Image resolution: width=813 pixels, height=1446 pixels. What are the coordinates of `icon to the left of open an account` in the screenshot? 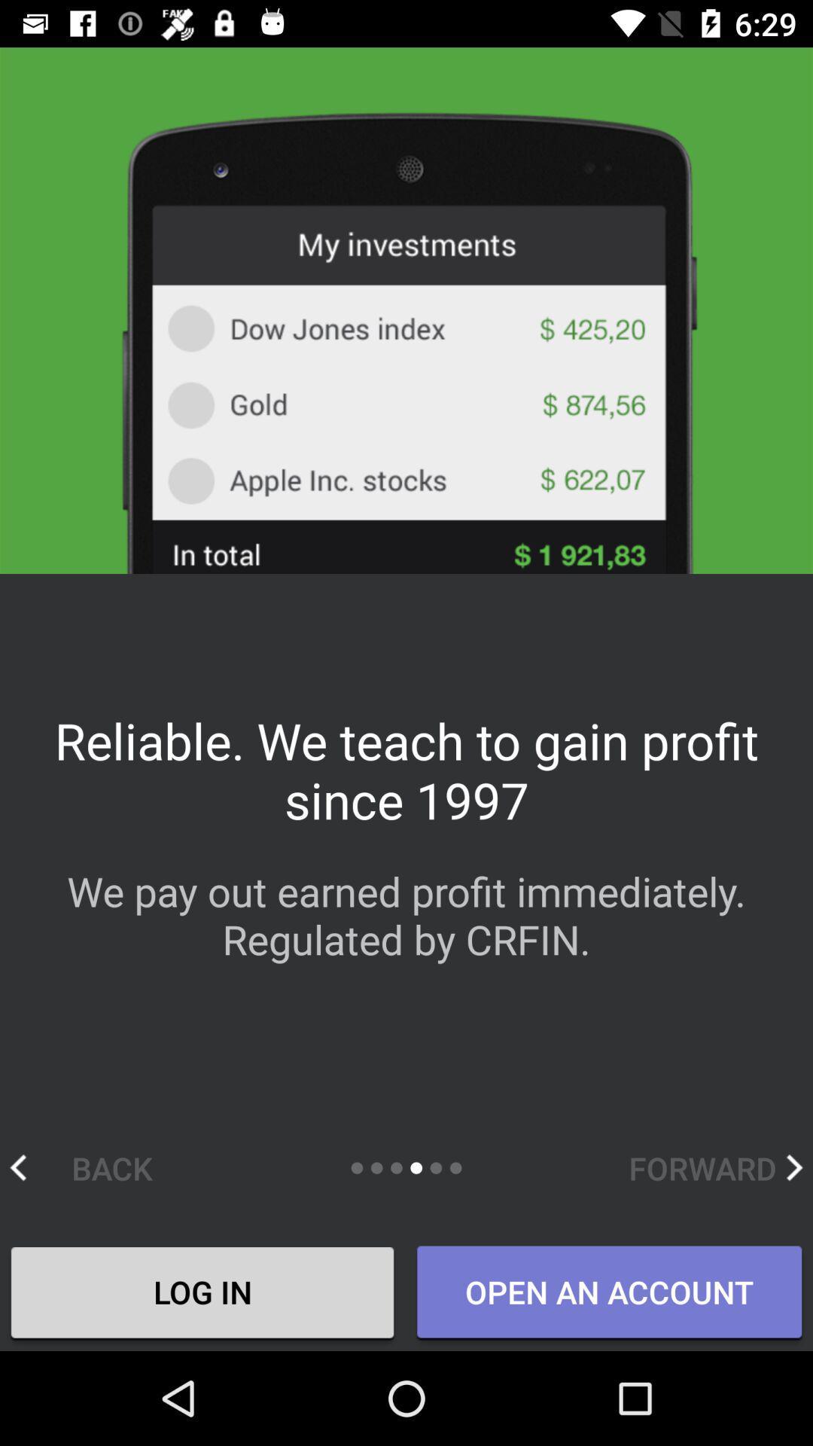 It's located at (202, 1293).